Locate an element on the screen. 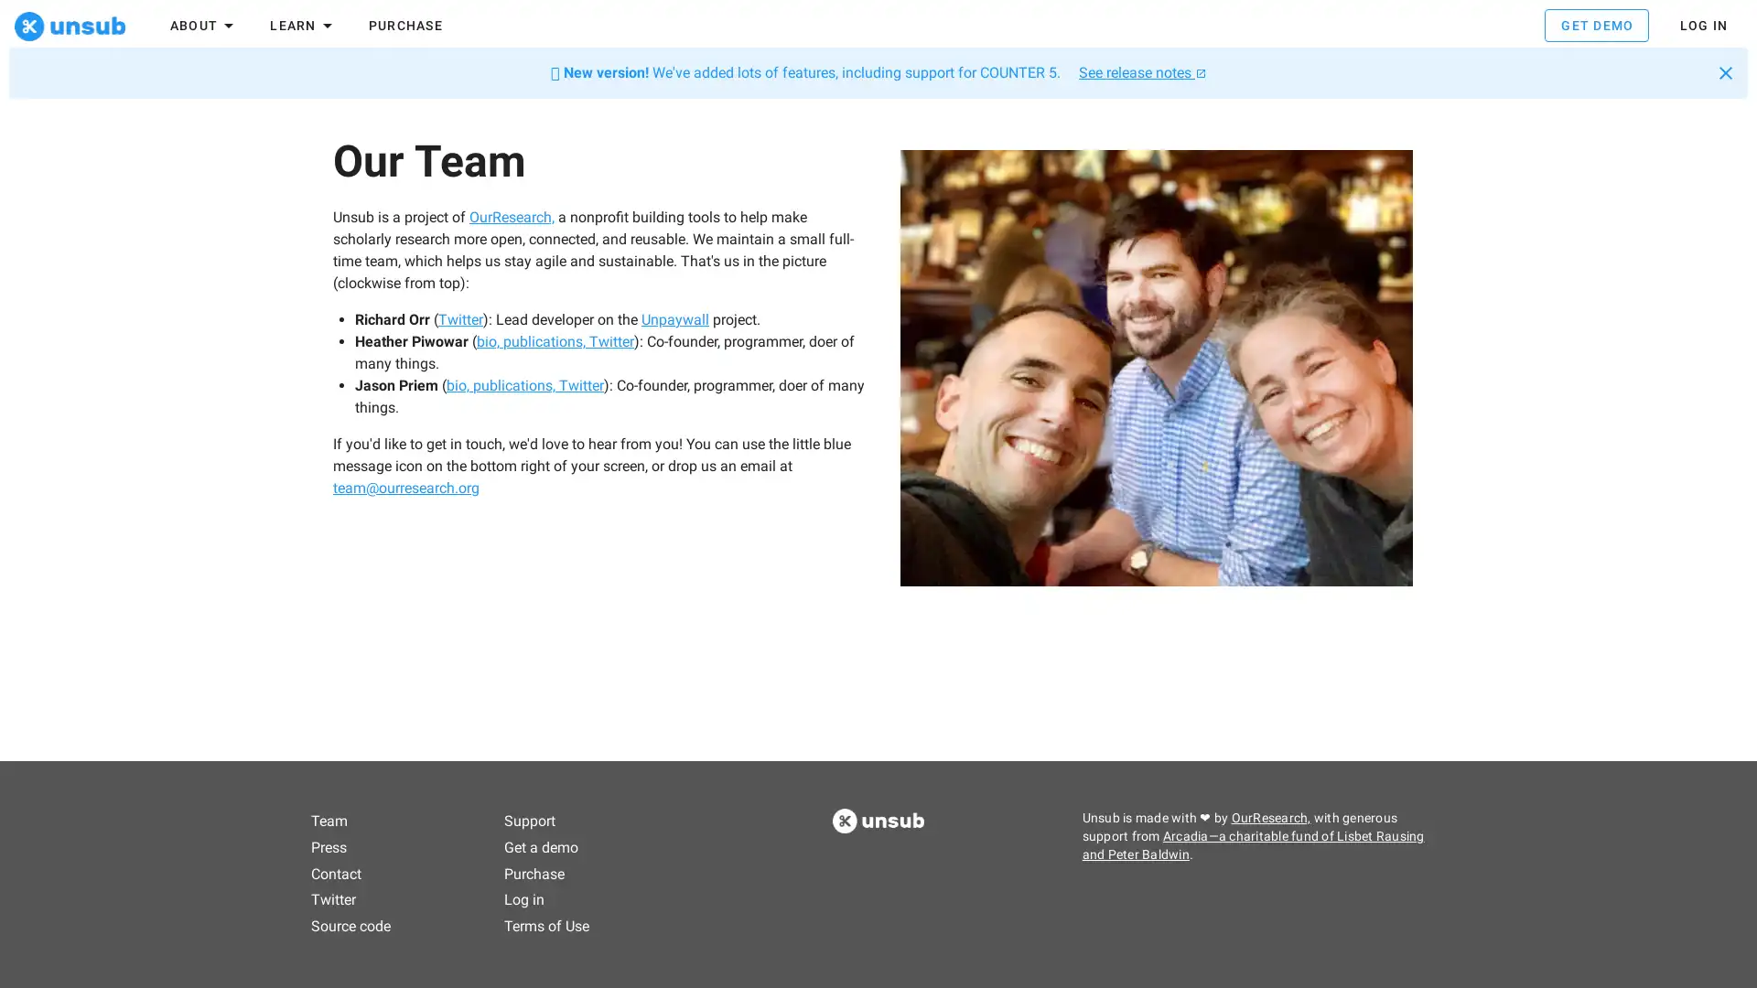  ABOUT is located at coordinates (203, 28).